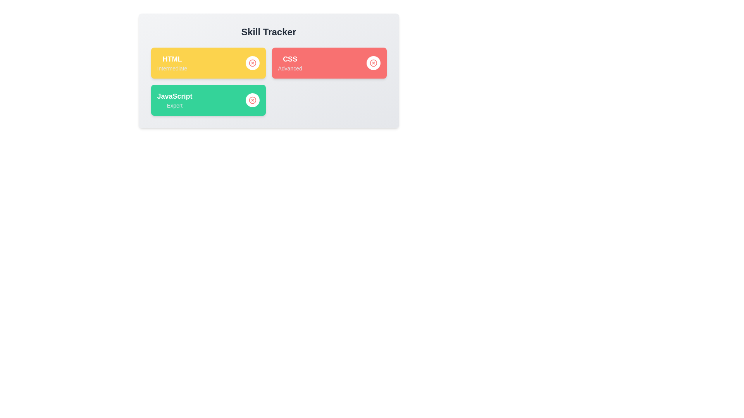 This screenshot has width=744, height=418. I want to click on remove button next to the skill named HTML, so click(252, 62).